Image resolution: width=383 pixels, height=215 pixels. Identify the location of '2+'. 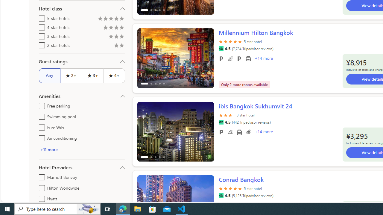
(71, 75).